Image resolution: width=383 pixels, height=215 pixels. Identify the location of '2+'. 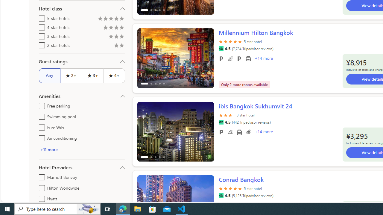
(71, 75).